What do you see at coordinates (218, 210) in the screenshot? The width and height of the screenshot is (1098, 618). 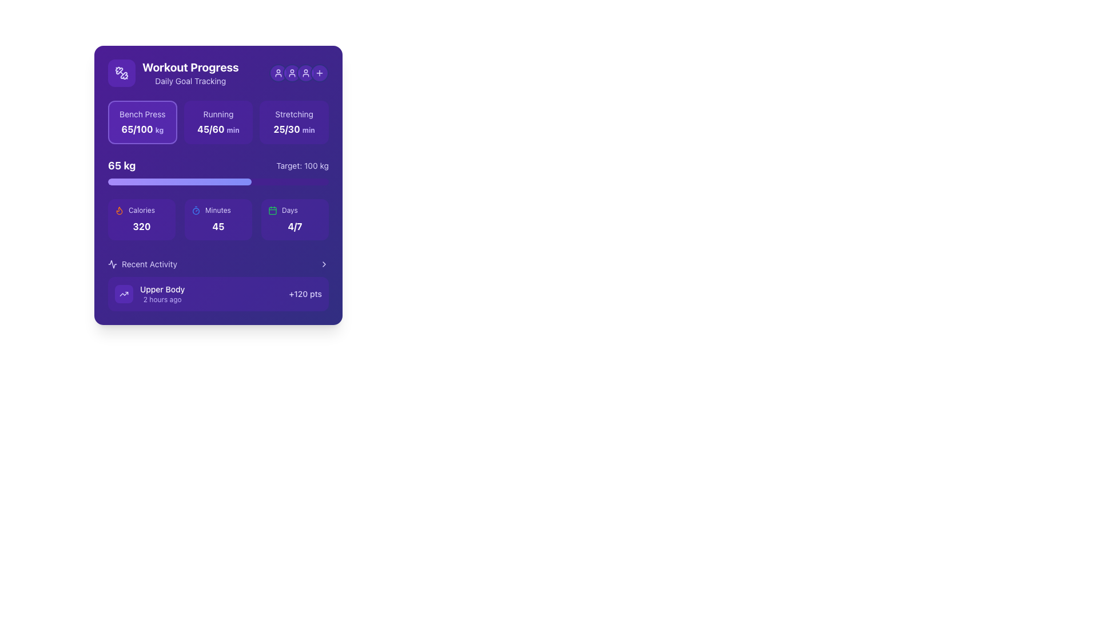 I see `the text label that describes the associated numeric value indicating minutes, positioned to the right of a blue stopwatch icon and above the time duration number` at bounding box center [218, 210].